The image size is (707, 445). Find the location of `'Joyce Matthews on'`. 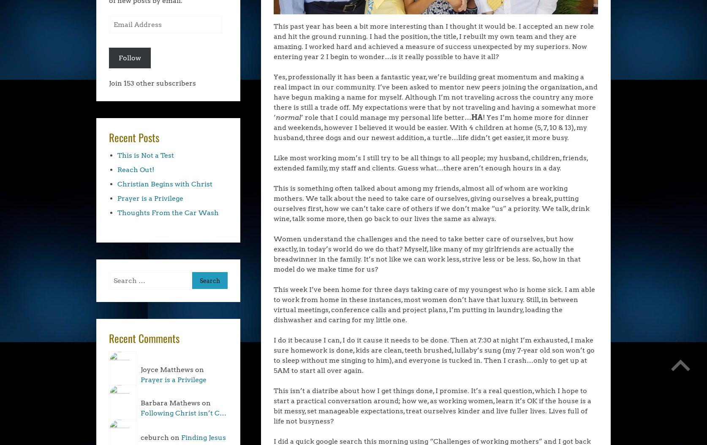

'Joyce Matthews on' is located at coordinates (172, 369).